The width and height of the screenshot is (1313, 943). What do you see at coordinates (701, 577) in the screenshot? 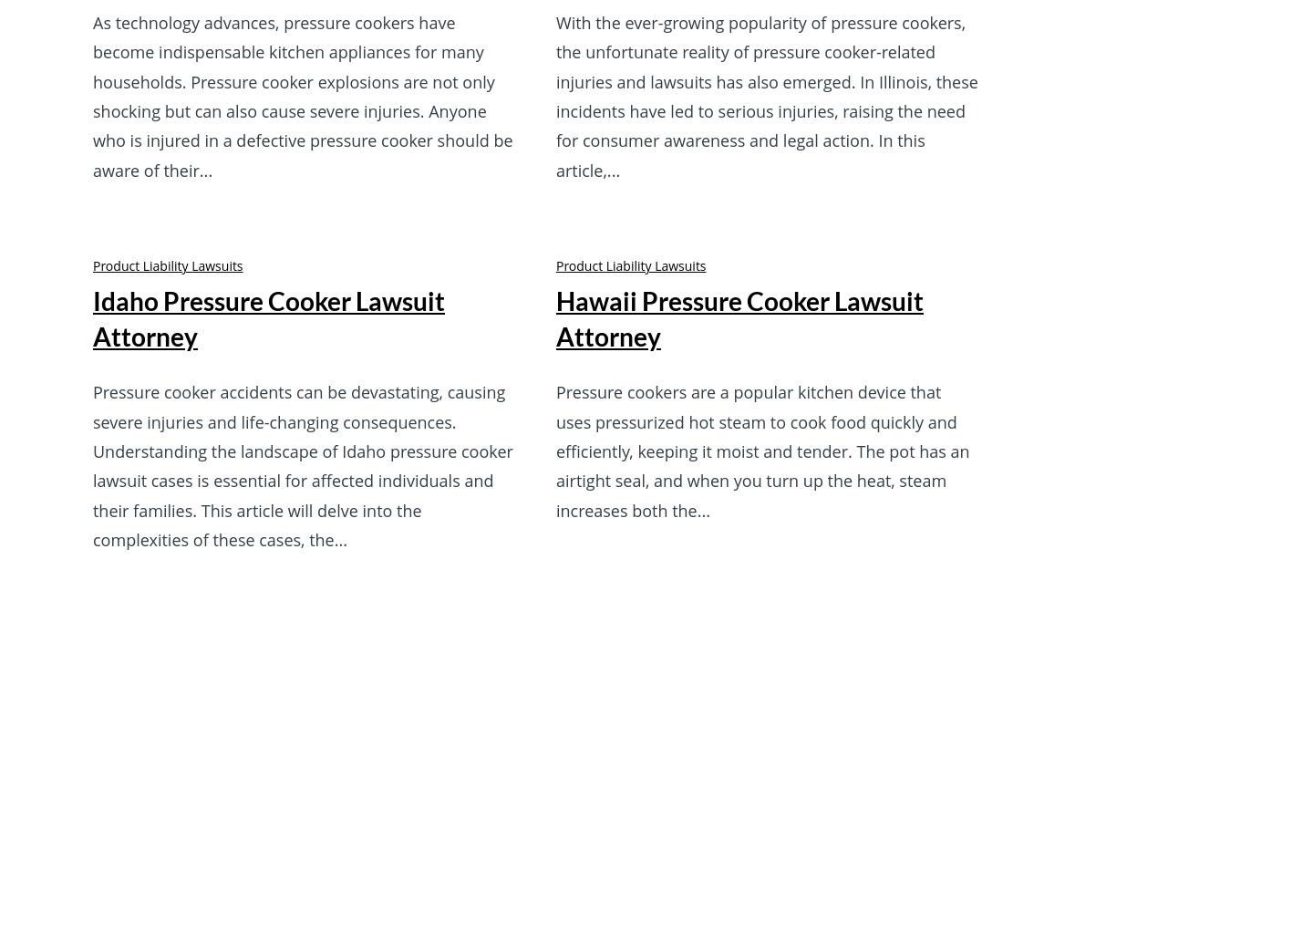
I see `'Food Poisoning'` at bounding box center [701, 577].